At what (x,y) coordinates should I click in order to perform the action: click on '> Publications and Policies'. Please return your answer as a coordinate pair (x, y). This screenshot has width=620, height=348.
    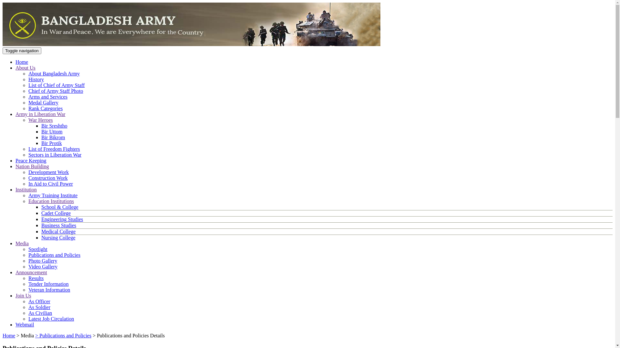
    Looking at the image, I should click on (63, 335).